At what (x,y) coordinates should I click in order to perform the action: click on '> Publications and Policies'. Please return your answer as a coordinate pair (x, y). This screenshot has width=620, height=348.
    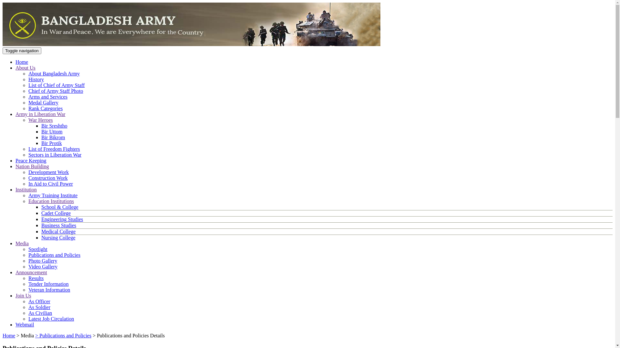
    Looking at the image, I should click on (63, 335).